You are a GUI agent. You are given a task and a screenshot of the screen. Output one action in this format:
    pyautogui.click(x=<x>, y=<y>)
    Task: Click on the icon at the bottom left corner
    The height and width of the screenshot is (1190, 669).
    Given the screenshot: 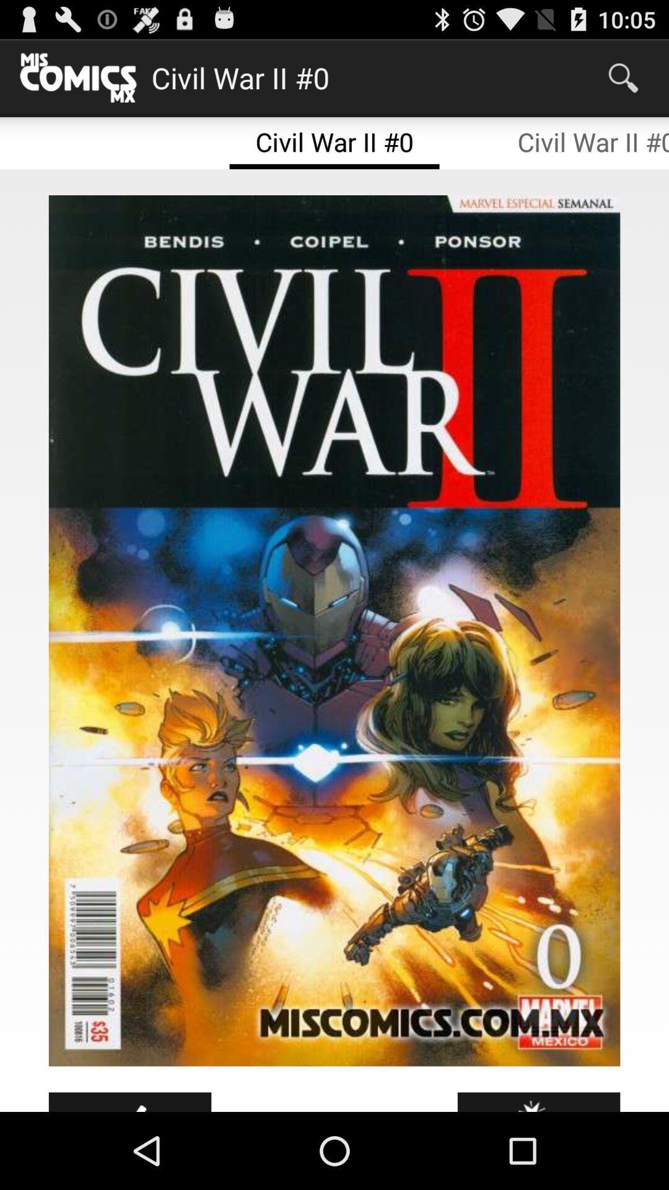 What is the action you would take?
    pyautogui.click(x=129, y=1102)
    